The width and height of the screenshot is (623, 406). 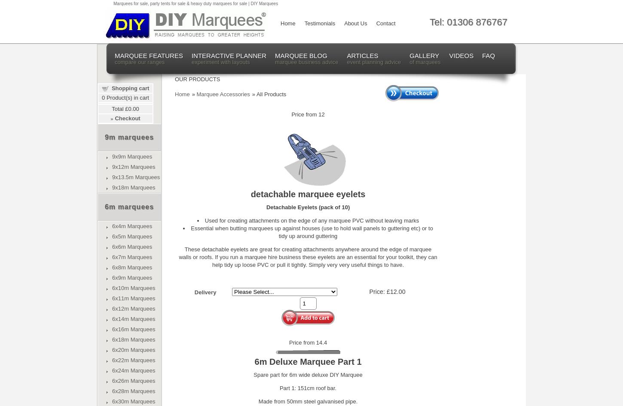 I want to click on '6x7m Marquees', so click(x=132, y=257).